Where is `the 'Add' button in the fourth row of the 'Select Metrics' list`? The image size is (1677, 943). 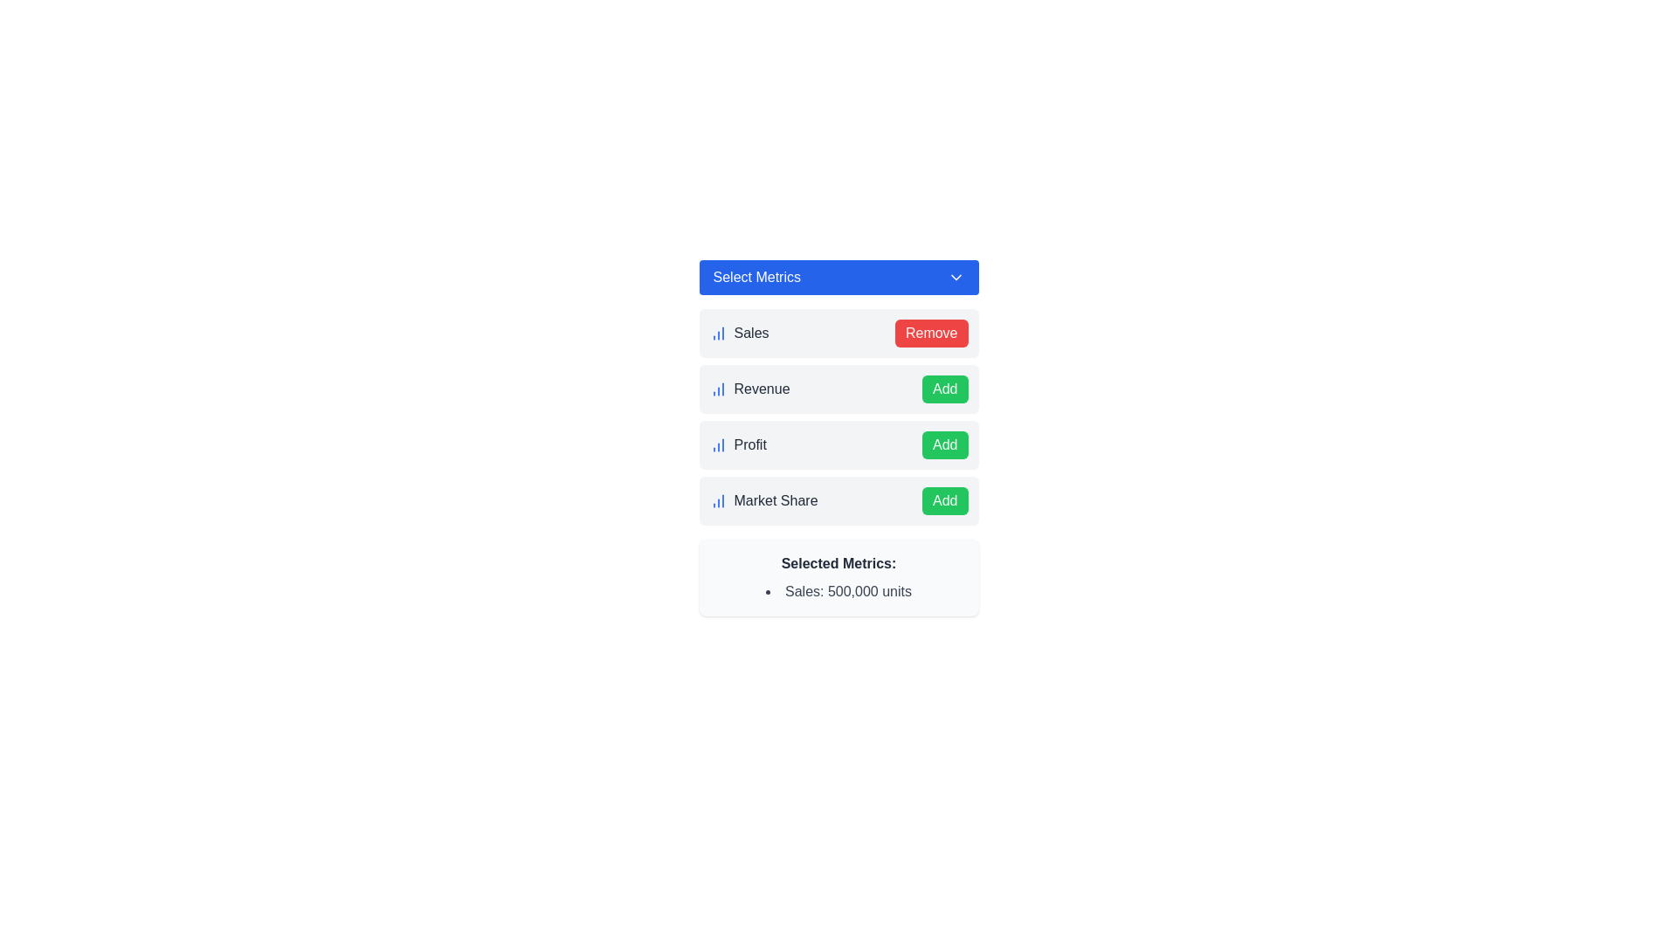
the 'Add' button in the fourth row of the 'Select Metrics' list is located at coordinates (838, 501).